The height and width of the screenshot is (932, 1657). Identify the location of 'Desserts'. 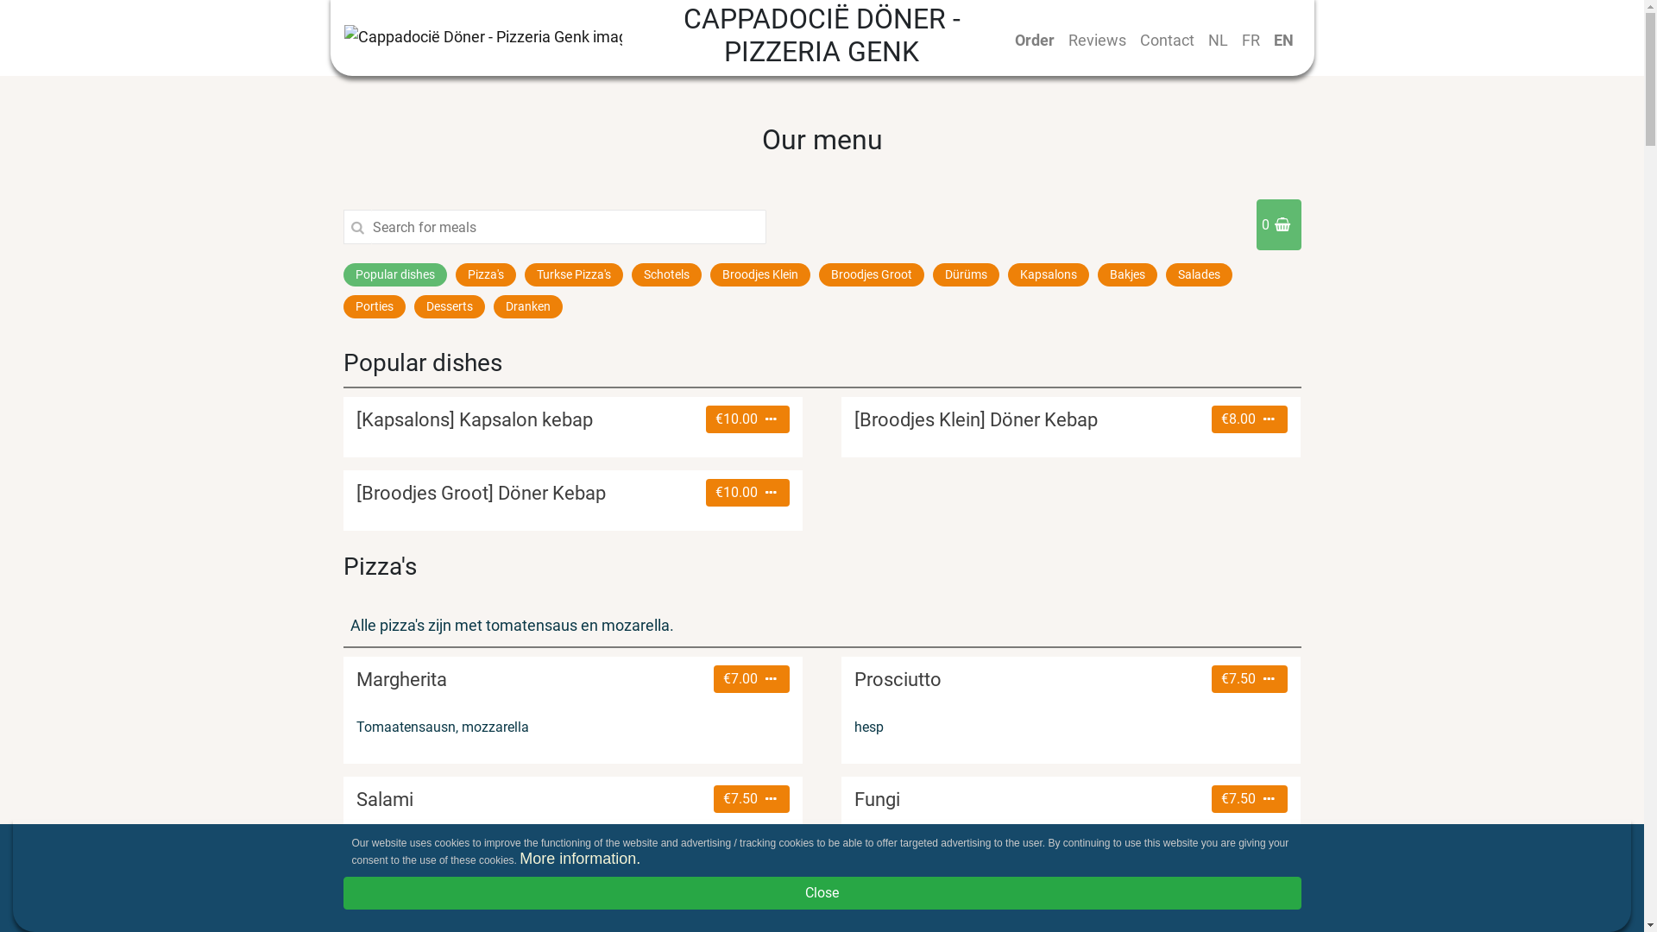
(450, 305).